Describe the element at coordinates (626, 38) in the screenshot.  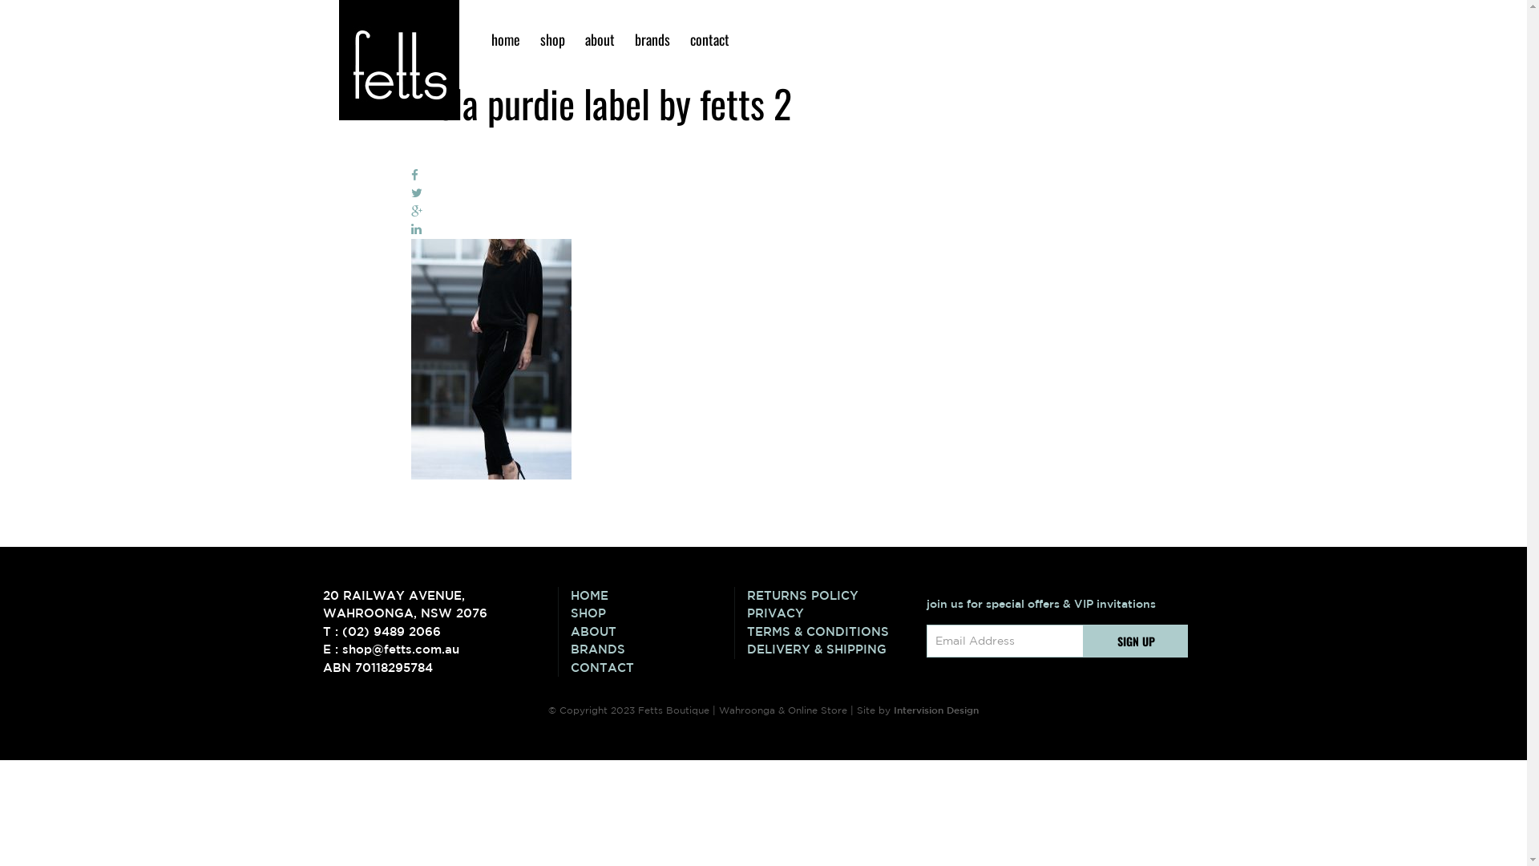
I see `'brands'` at that location.